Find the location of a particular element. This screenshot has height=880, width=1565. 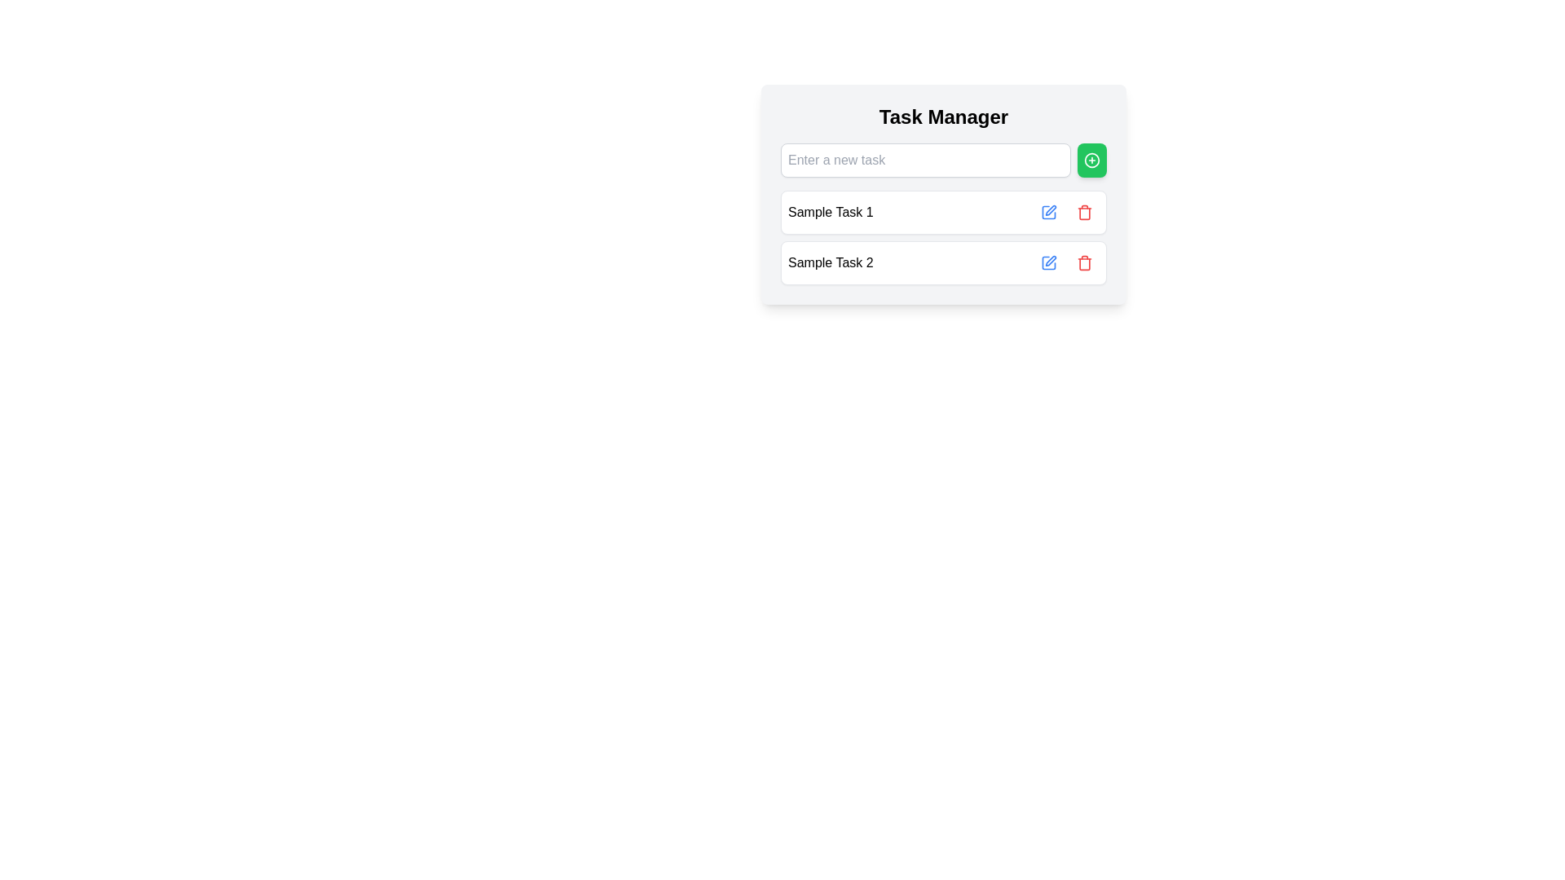

the blue pen icon for editing functionality located in the row for 'Sample Task 1' in the task management interface to trigger a visual effect is located at coordinates (1048, 212).